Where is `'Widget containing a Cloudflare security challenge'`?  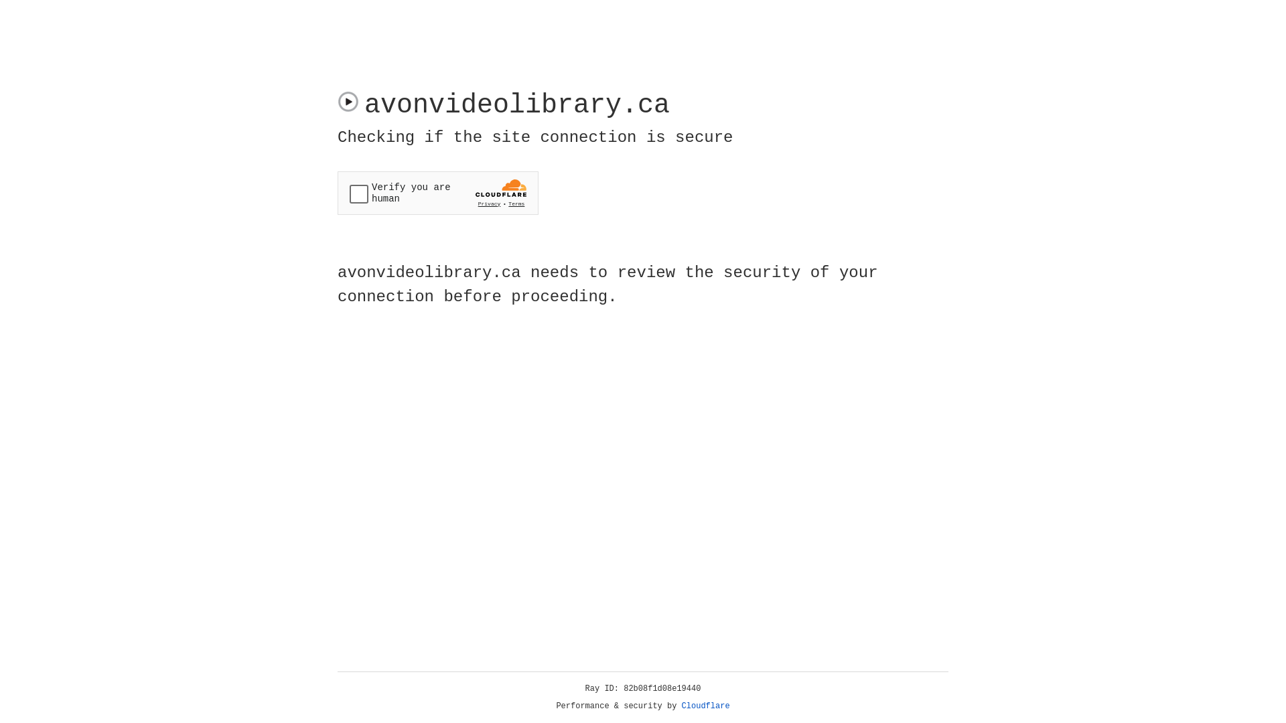 'Widget containing a Cloudflare security challenge' is located at coordinates (437, 193).